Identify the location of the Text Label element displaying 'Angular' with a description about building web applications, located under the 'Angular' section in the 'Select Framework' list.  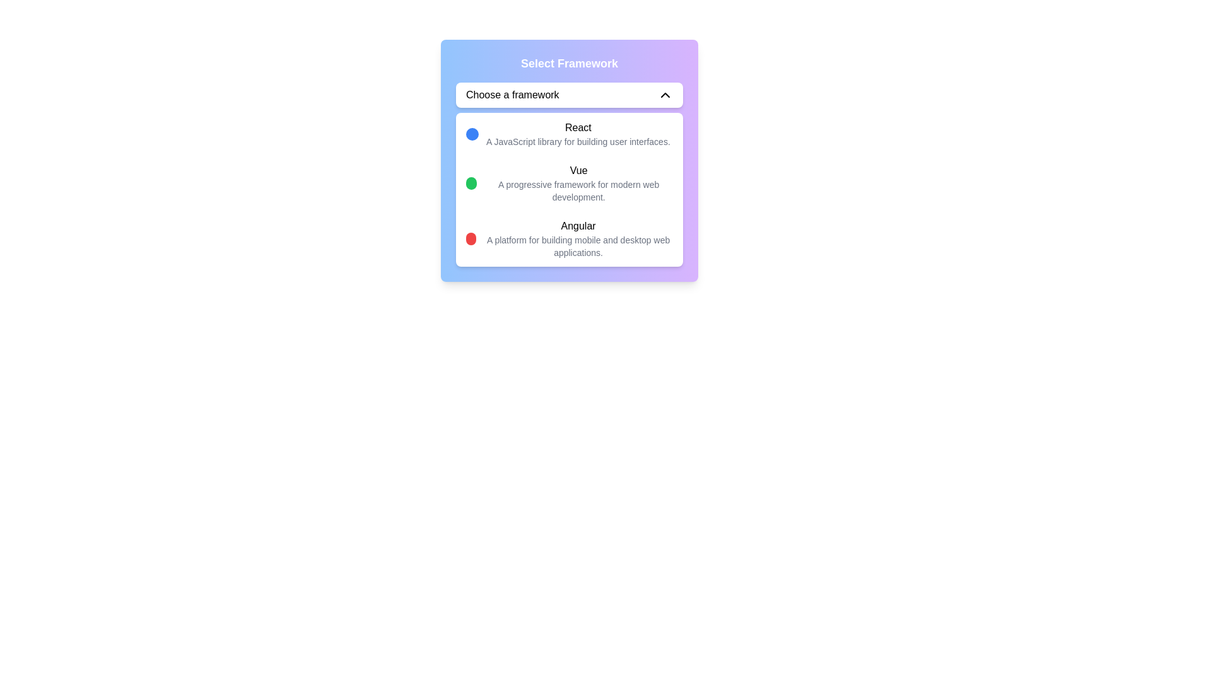
(577, 238).